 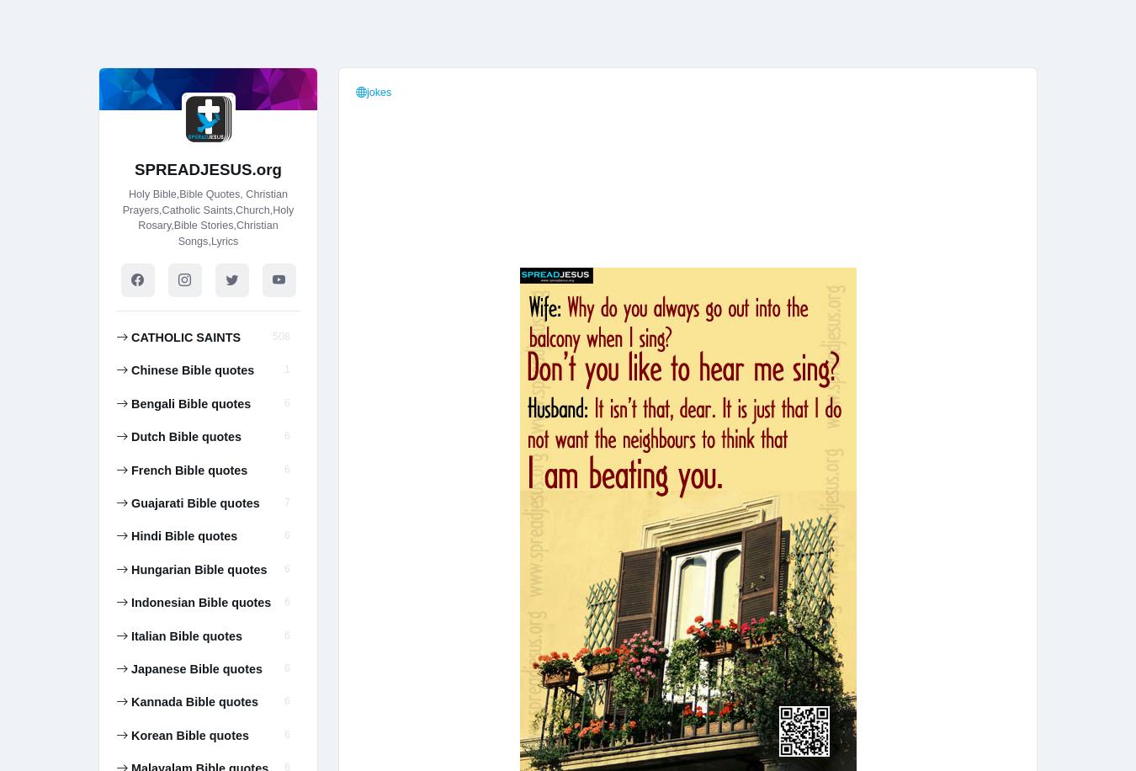 I want to click on '37', so click(x=283, y=61).